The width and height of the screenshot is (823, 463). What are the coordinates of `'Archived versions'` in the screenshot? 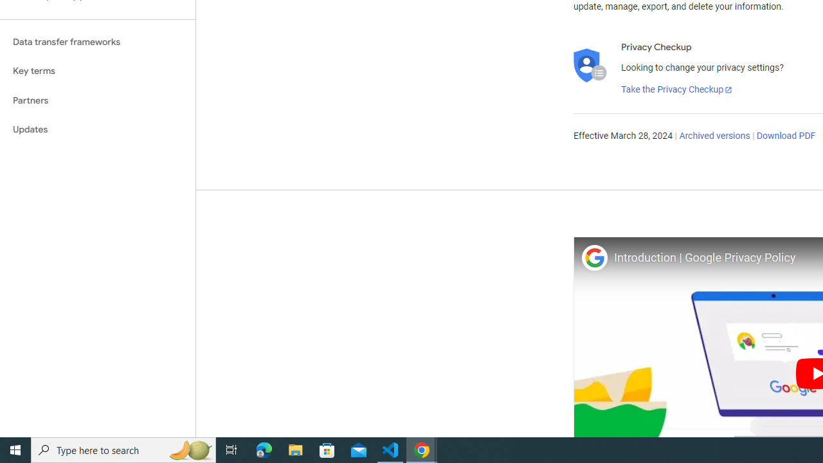 It's located at (714, 136).